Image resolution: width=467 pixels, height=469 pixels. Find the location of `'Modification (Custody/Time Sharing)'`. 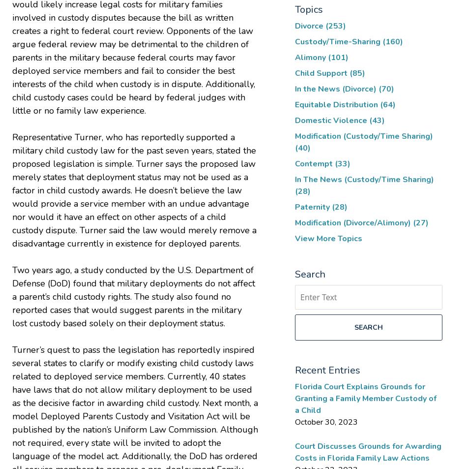

'Modification (Custody/Time Sharing)' is located at coordinates (363, 135).